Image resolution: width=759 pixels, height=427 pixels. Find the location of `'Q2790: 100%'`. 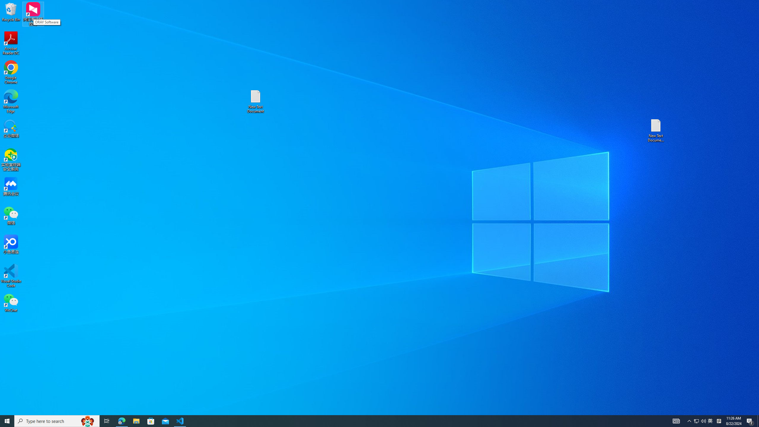

'Q2790: 100%' is located at coordinates (703, 420).